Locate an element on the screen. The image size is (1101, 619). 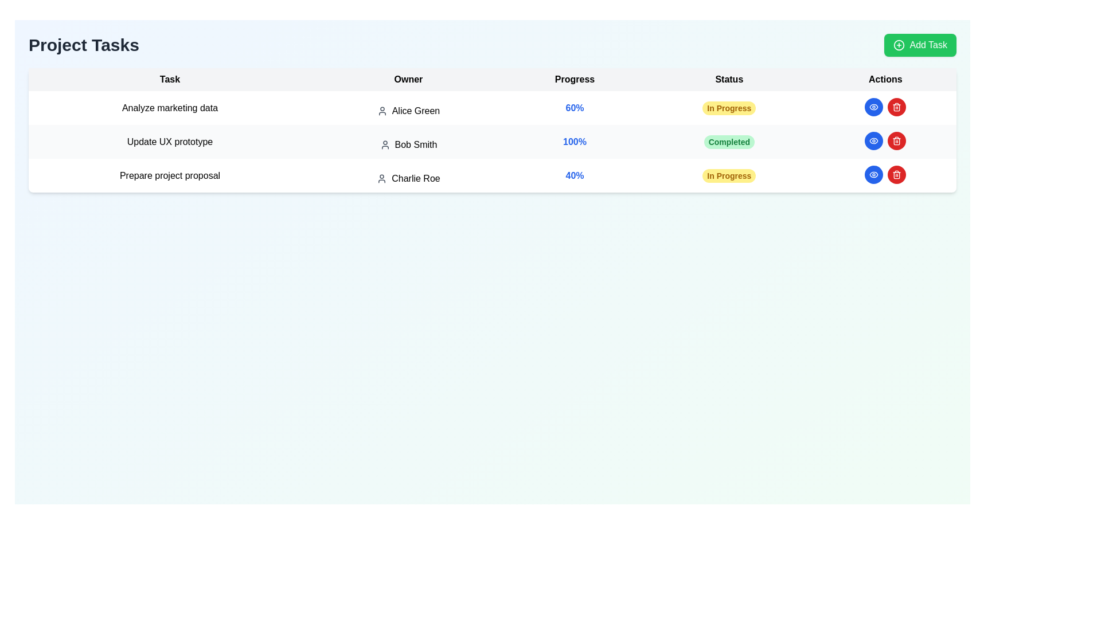
the rounded blue button with a white eye icon is located at coordinates (873, 174).